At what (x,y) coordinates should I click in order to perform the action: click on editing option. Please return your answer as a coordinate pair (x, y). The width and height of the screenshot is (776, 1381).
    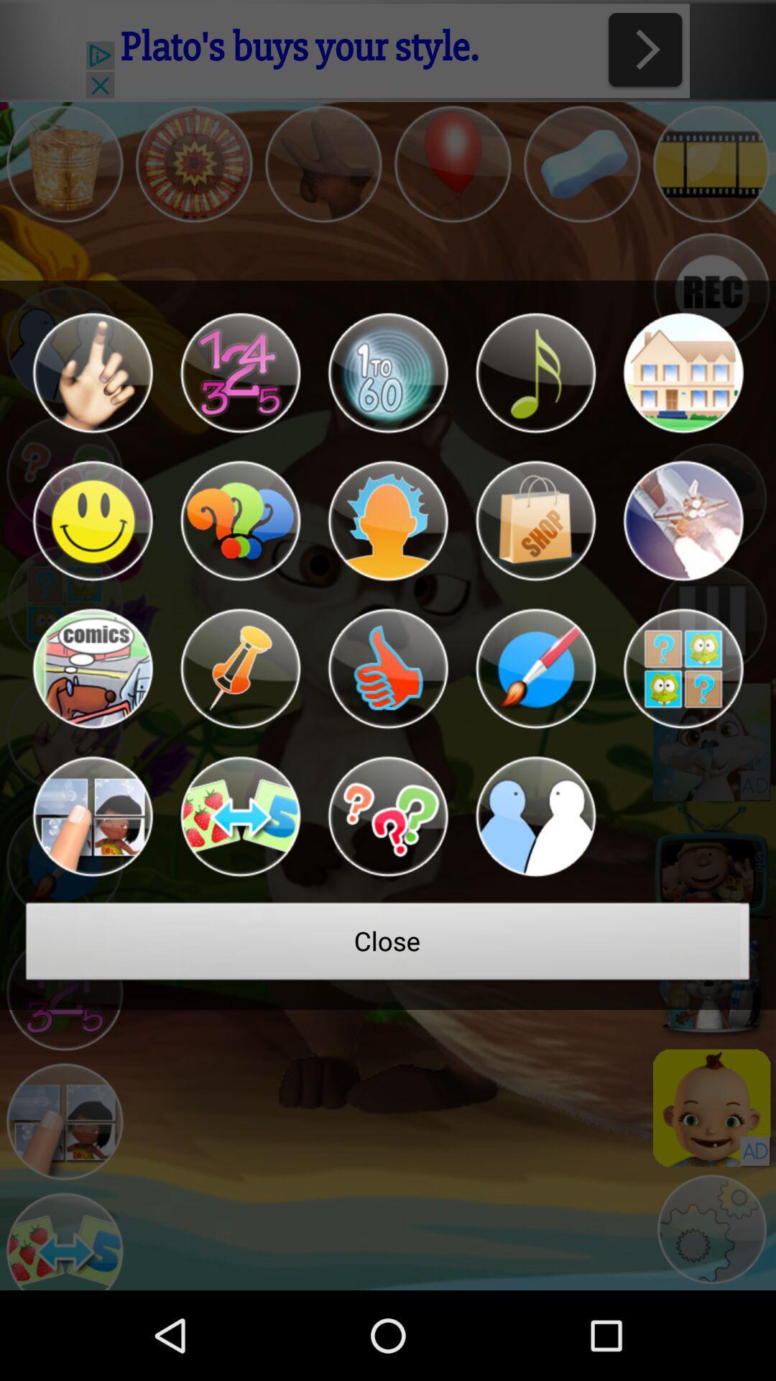
    Looking at the image, I should click on (535, 668).